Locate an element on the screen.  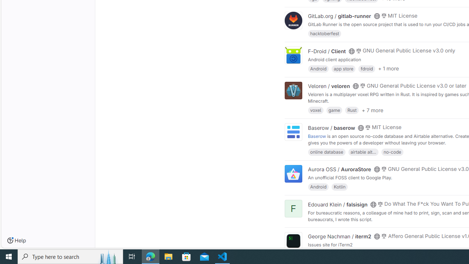
'Edouard Klein / falsisign' is located at coordinates (337, 204).